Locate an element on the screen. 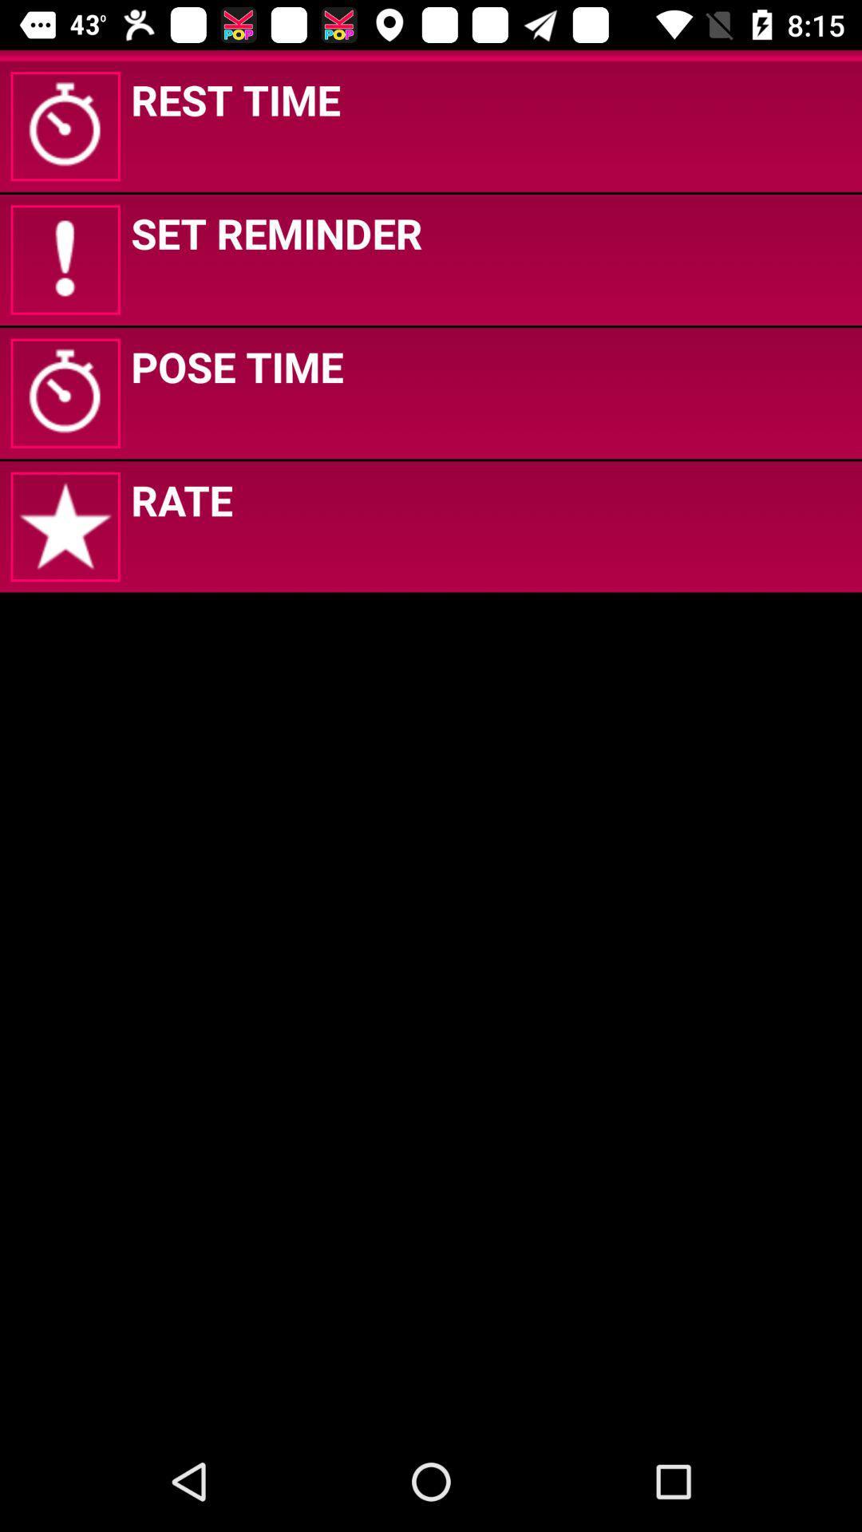 The width and height of the screenshot is (862, 1532). icon below the pose time is located at coordinates (180, 499).